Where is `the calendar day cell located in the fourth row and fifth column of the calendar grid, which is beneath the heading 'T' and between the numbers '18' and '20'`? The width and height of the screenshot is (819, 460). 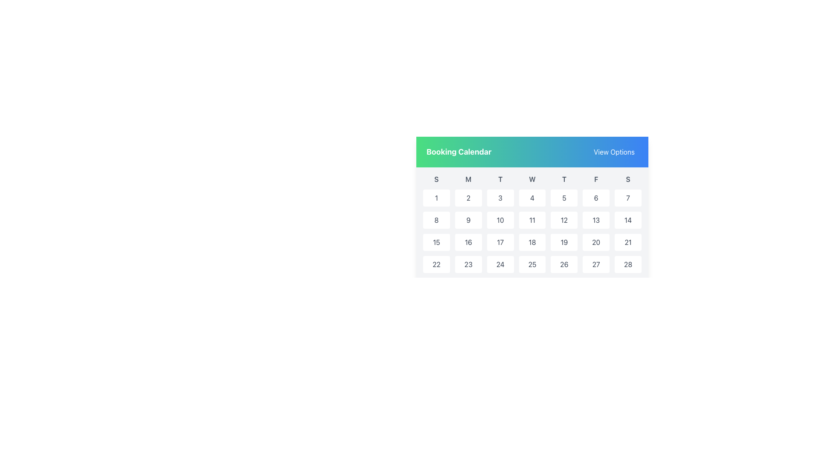 the calendar day cell located in the fourth row and fifth column of the calendar grid, which is beneath the heading 'T' and between the numbers '18' and '20' is located at coordinates (564, 242).